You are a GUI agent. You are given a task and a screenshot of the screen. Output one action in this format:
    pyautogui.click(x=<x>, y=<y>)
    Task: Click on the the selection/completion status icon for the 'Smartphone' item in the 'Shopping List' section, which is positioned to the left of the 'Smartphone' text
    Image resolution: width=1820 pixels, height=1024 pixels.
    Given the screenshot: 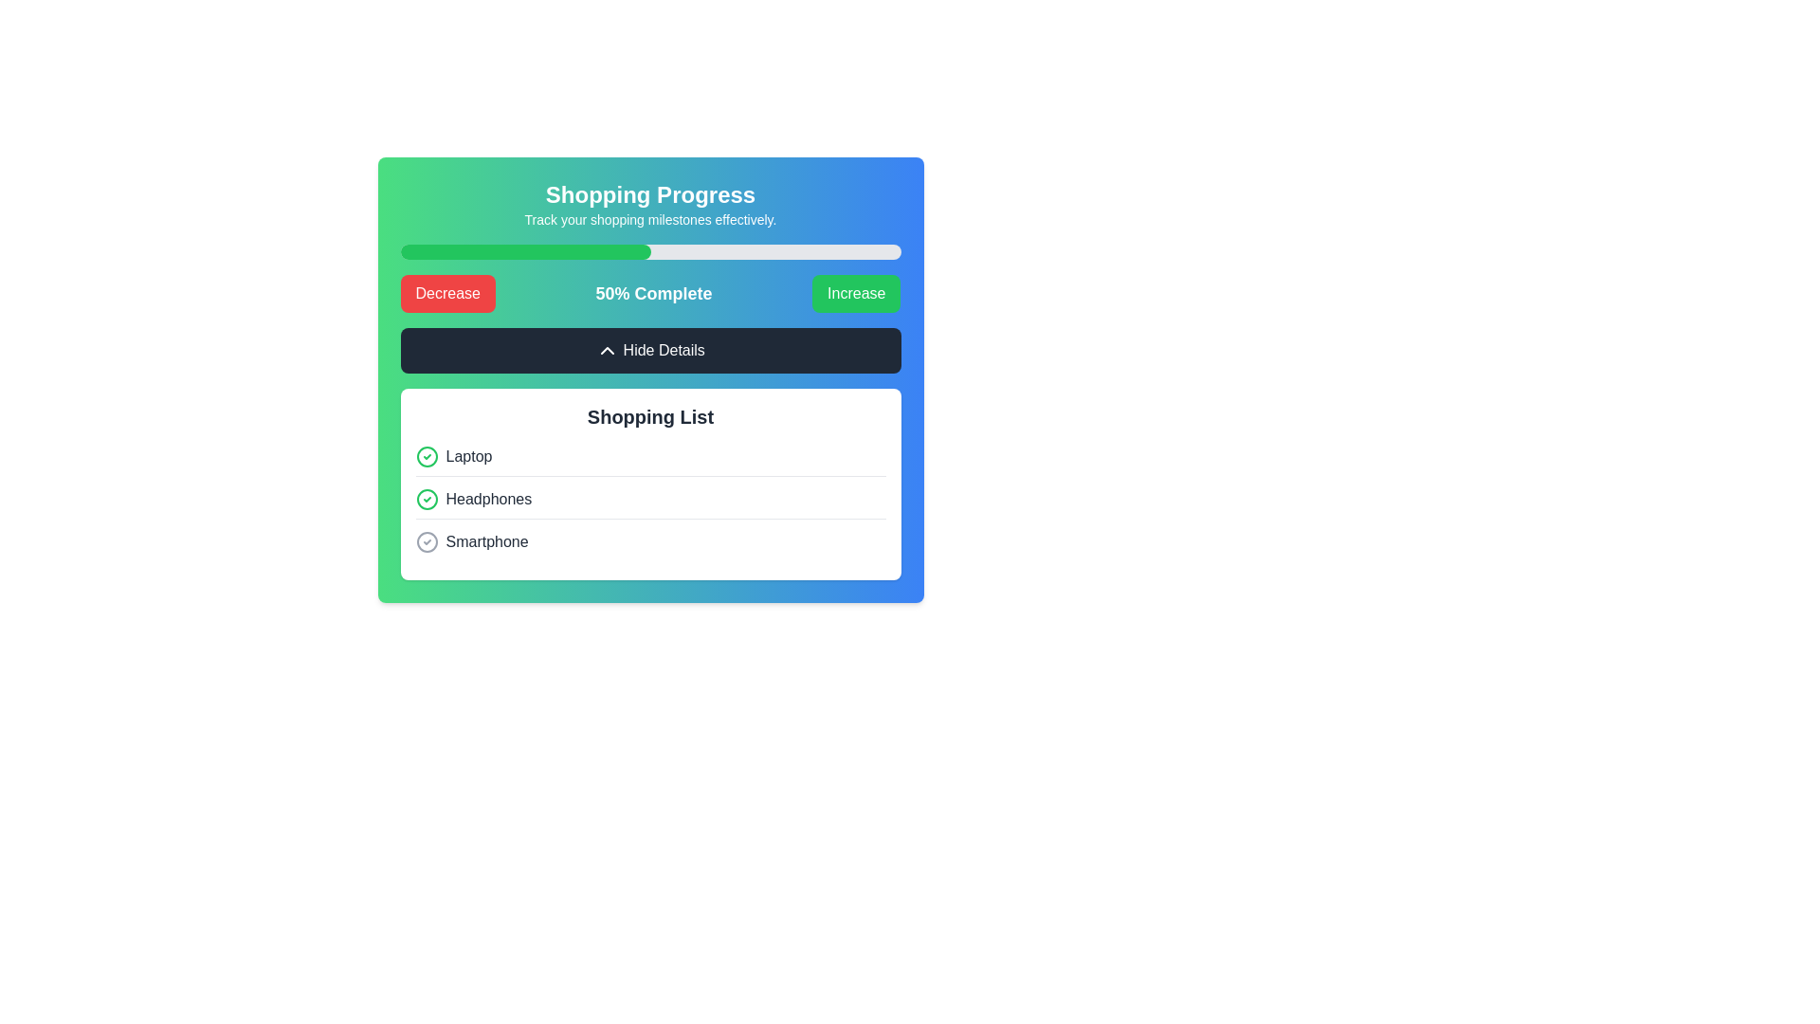 What is the action you would take?
    pyautogui.click(x=426, y=541)
    